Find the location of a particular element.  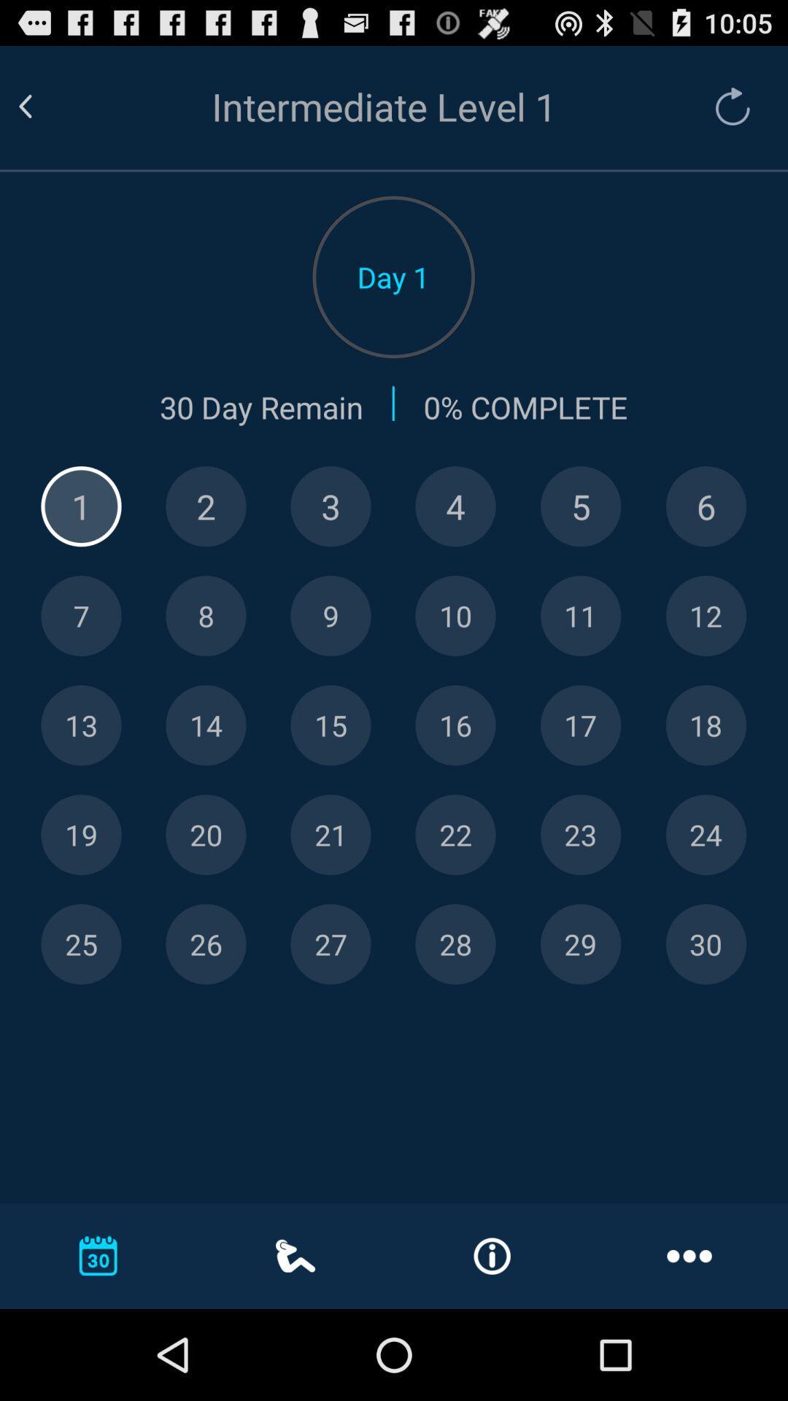

refresh app is located at coordinates (725, 106).